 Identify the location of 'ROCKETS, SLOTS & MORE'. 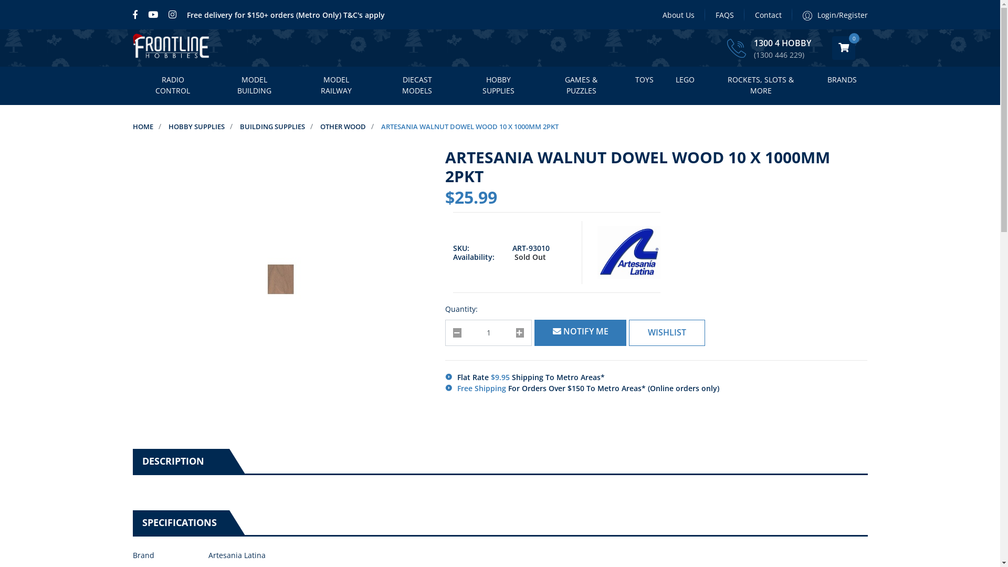
(761, 85).